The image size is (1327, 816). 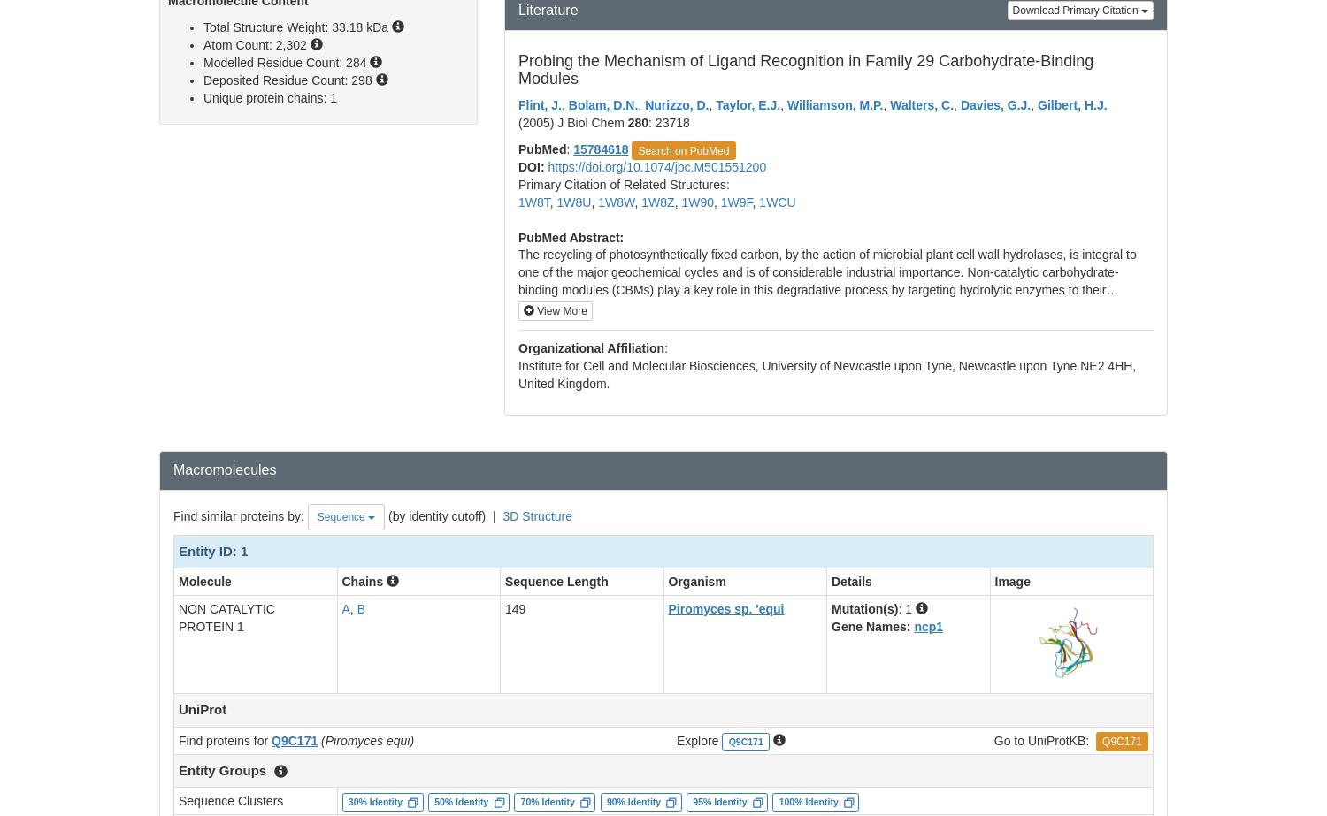 What do you see at coordinates (632, 801) in the screenshot?
I see `'90% Identity'` at bounding box center [632, 801].